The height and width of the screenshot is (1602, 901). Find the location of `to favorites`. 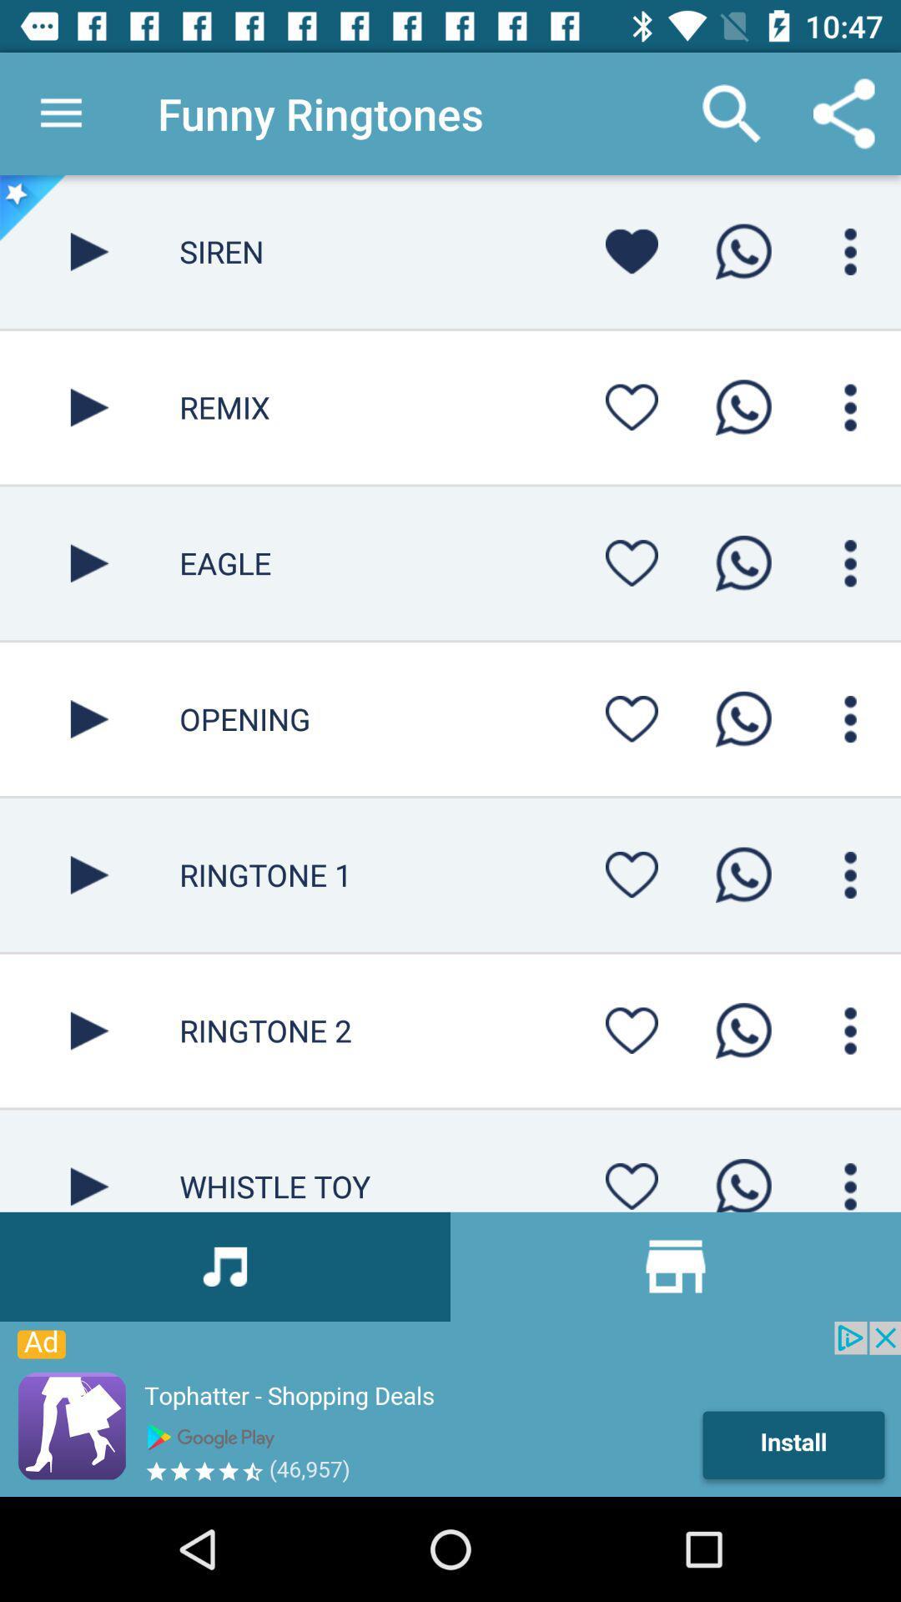

to favorites is located at coordinates (632, 563).